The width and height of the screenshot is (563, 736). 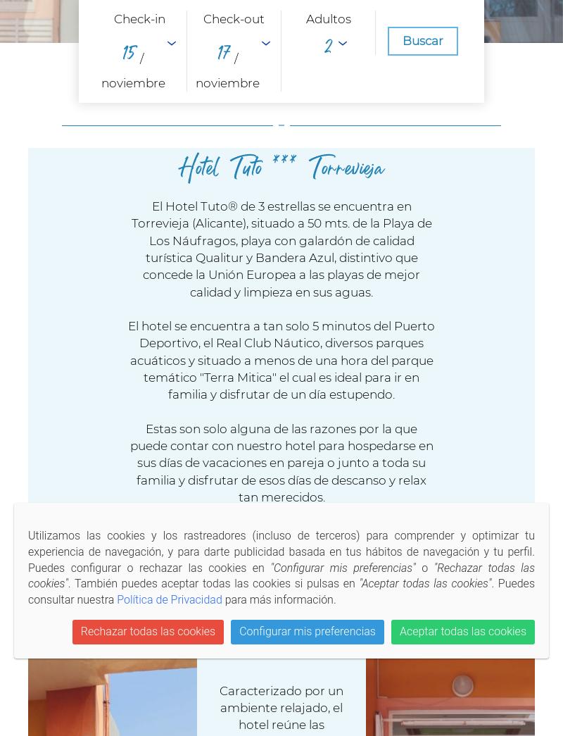 I want to click on 'Check-out', so click(x=233, y=18).